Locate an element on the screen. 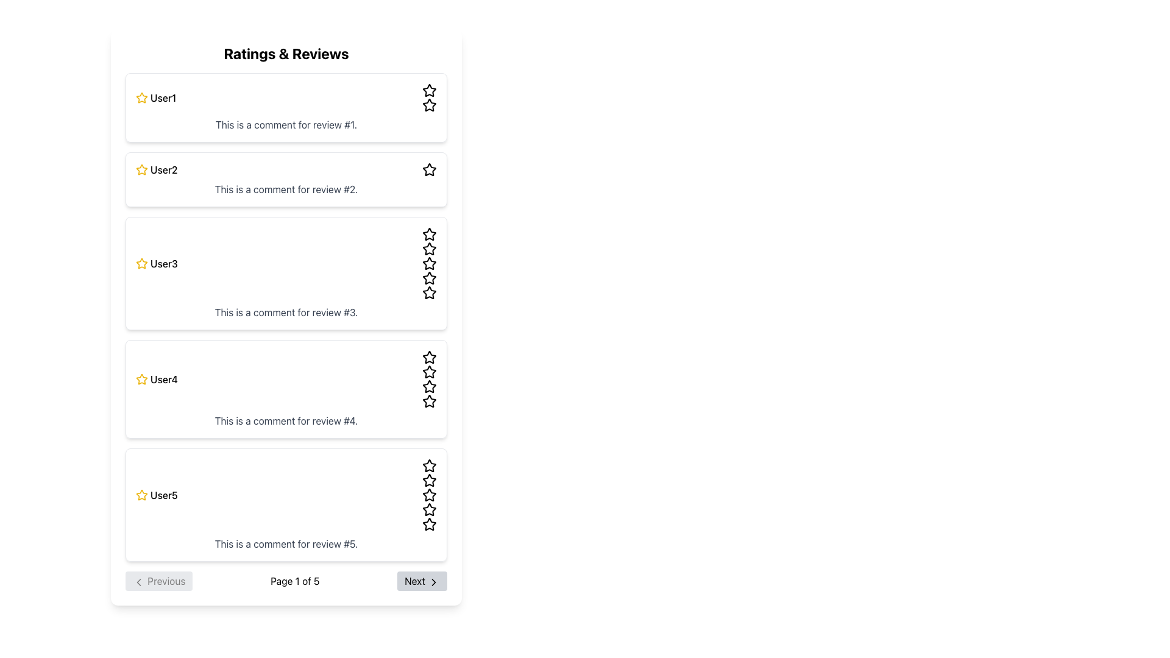  the star icon for rating associated with 'User2', positioned on the far right edge of the review entry is located at coordinates (430, 169).